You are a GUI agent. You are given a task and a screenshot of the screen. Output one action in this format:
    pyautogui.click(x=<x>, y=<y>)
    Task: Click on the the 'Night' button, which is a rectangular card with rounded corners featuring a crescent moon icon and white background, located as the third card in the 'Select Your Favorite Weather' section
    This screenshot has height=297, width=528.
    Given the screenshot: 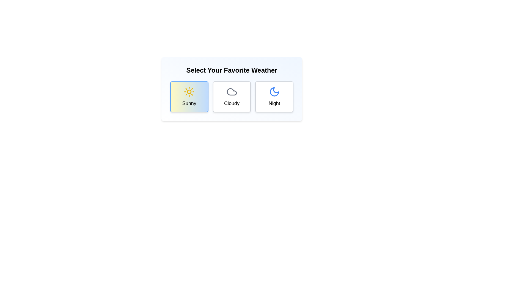 What is the action you would take?
    pyautogui.click(x=274, y=96)
    